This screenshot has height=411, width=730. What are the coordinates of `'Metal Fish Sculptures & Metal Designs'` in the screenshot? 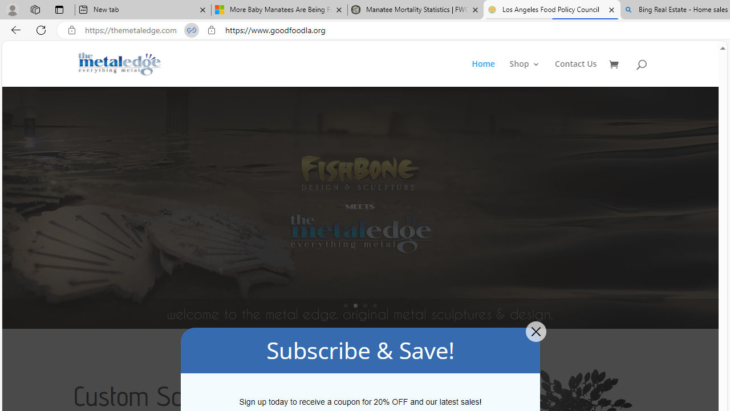 It's located at (120, 63).